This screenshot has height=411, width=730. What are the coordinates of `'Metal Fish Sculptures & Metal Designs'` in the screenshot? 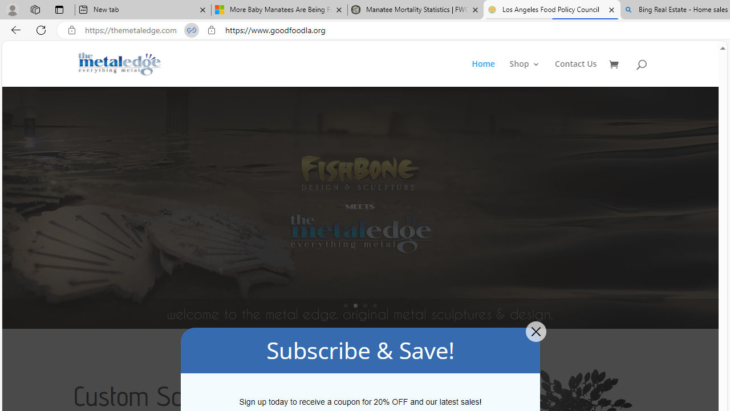 It's located at (120, 63).